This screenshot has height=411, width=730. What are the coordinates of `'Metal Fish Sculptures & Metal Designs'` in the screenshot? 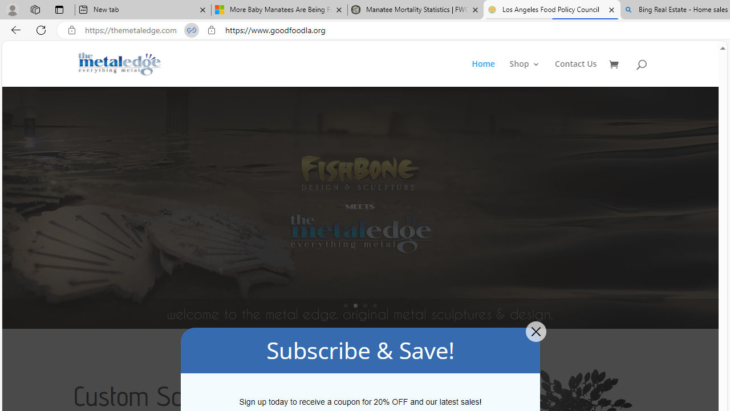 It's located at (120, 63).